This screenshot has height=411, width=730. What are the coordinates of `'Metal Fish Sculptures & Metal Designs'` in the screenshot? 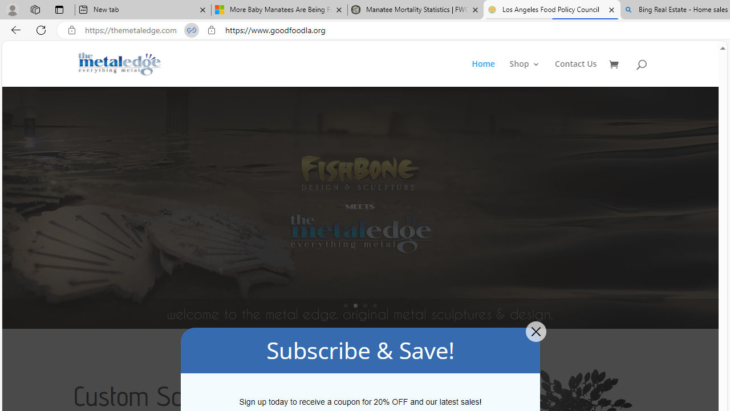 It's located at (120, 63).